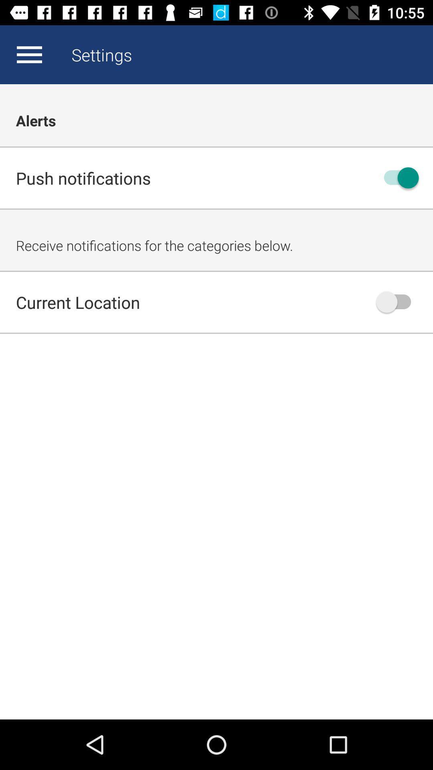  Describe the element at coordinates (29, 54) in the screenshot. I see `icon above the alerts app` at that location.